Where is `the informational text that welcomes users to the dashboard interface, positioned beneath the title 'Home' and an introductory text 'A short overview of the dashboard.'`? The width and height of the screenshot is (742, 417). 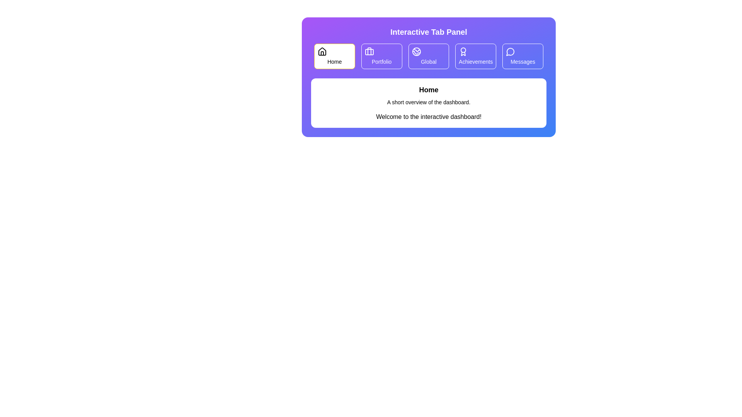
the informational text that welcomes users to the dashboard interface, positioned beneath the title 'Home' and an introductory text 'A short overview of the dashboard.' is located at coordinates (428, 117).